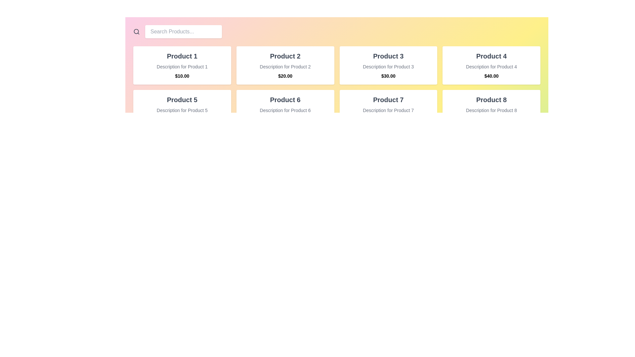 The image size is (635, 357). What do you see at coordinates (388, 65) in the screenshot?
I see `the rectangular card labeled 'Product 3' with a white background, which is the third card in the top row of the grid layout` at bounding box center [388, 65].